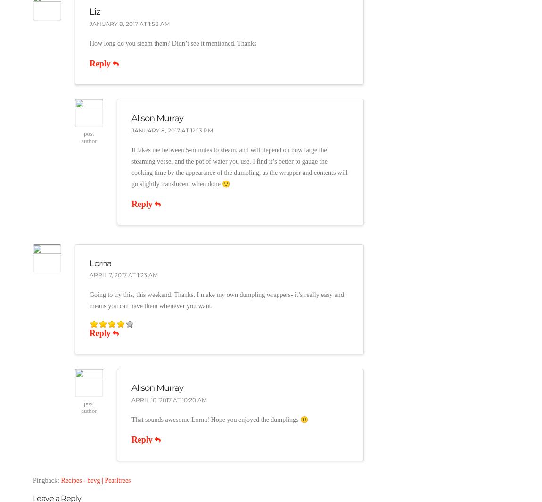 The height and width of the screenshot is (502, 542). I want to click on 'That sounds awesome Lorna! Hope you enjoyed the dumplings 🙂', so click(219, 420).